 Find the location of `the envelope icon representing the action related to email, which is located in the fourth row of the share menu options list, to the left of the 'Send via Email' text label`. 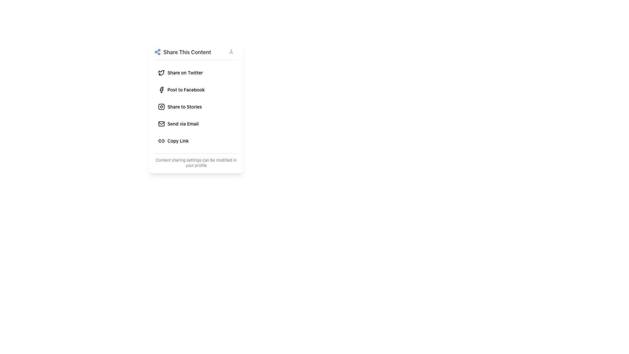

the envelope icon representing the action related to email, which is located in the fourth row of the share menu options list, to the left of the 'Send via Email' text label is located at coordinates (162, 124).